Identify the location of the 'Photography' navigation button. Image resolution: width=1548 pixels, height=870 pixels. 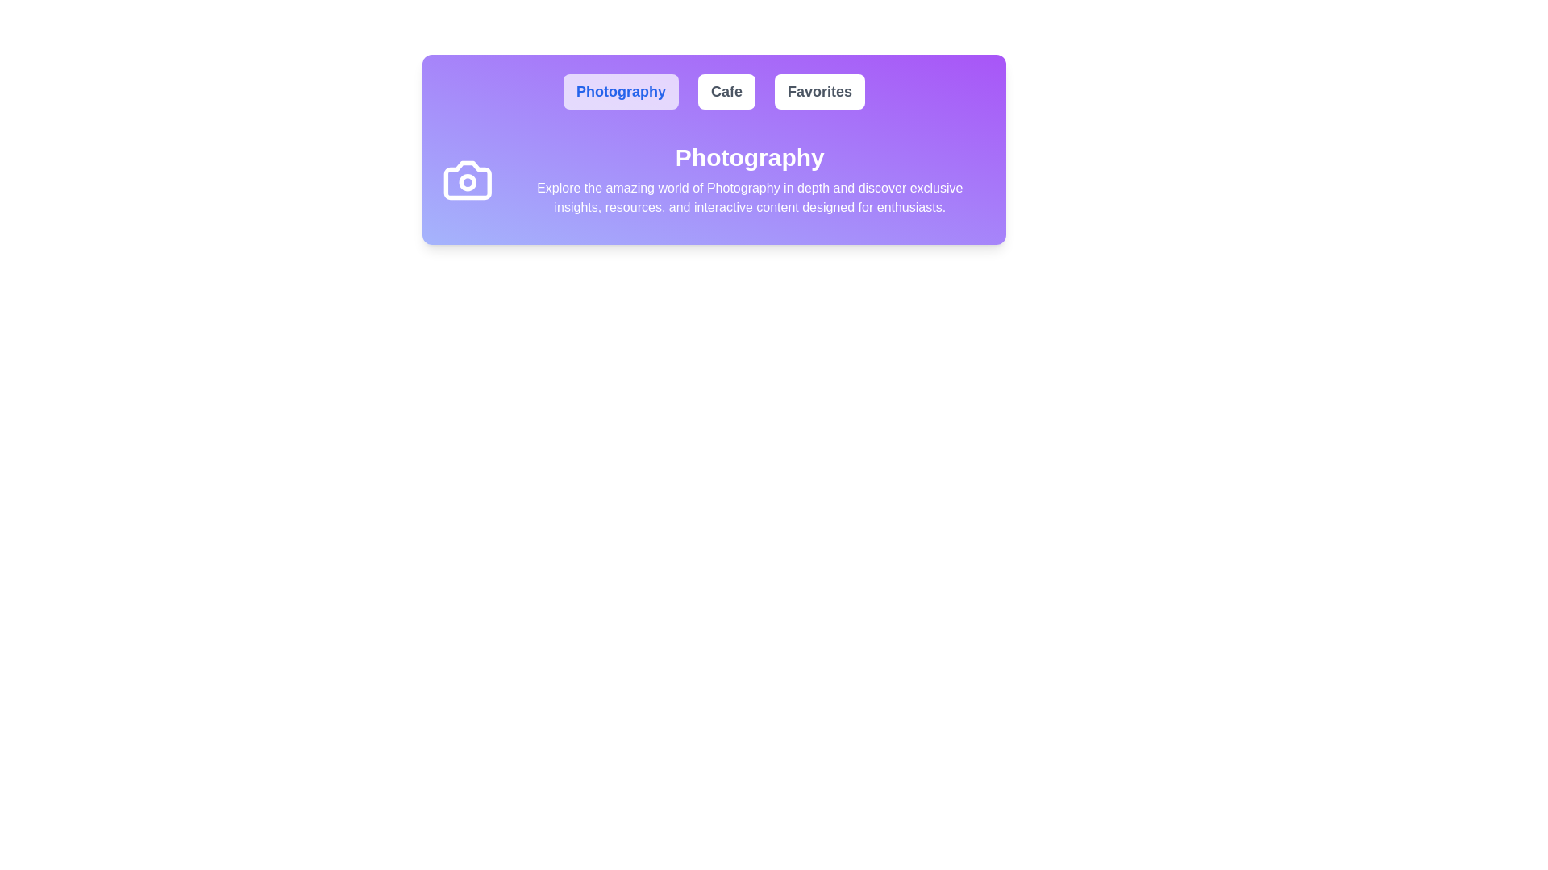
(620, 92).